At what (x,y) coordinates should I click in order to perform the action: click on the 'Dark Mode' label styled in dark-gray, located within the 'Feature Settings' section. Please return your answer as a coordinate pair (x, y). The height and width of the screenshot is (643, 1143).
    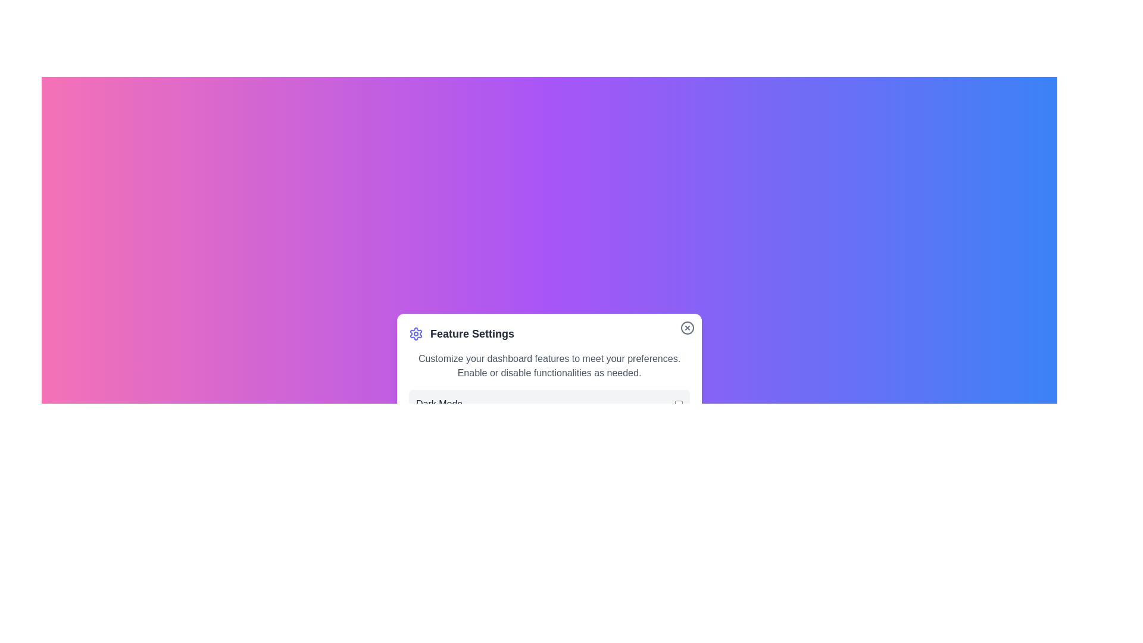
    Looking at the image, I should click on (439, 403).